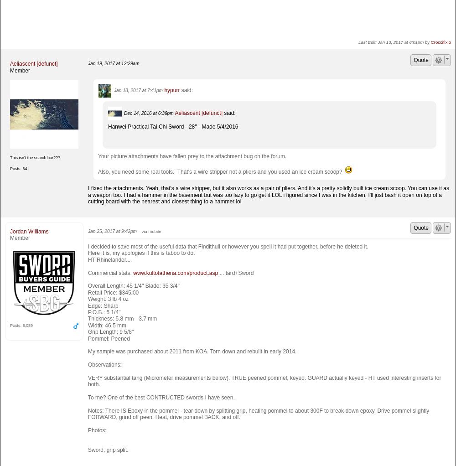  What do you see at coordinates (110, 331) in the screenshot?
I see `'Grip Length: 9 5/8'''` at bounding box center [110, 331].